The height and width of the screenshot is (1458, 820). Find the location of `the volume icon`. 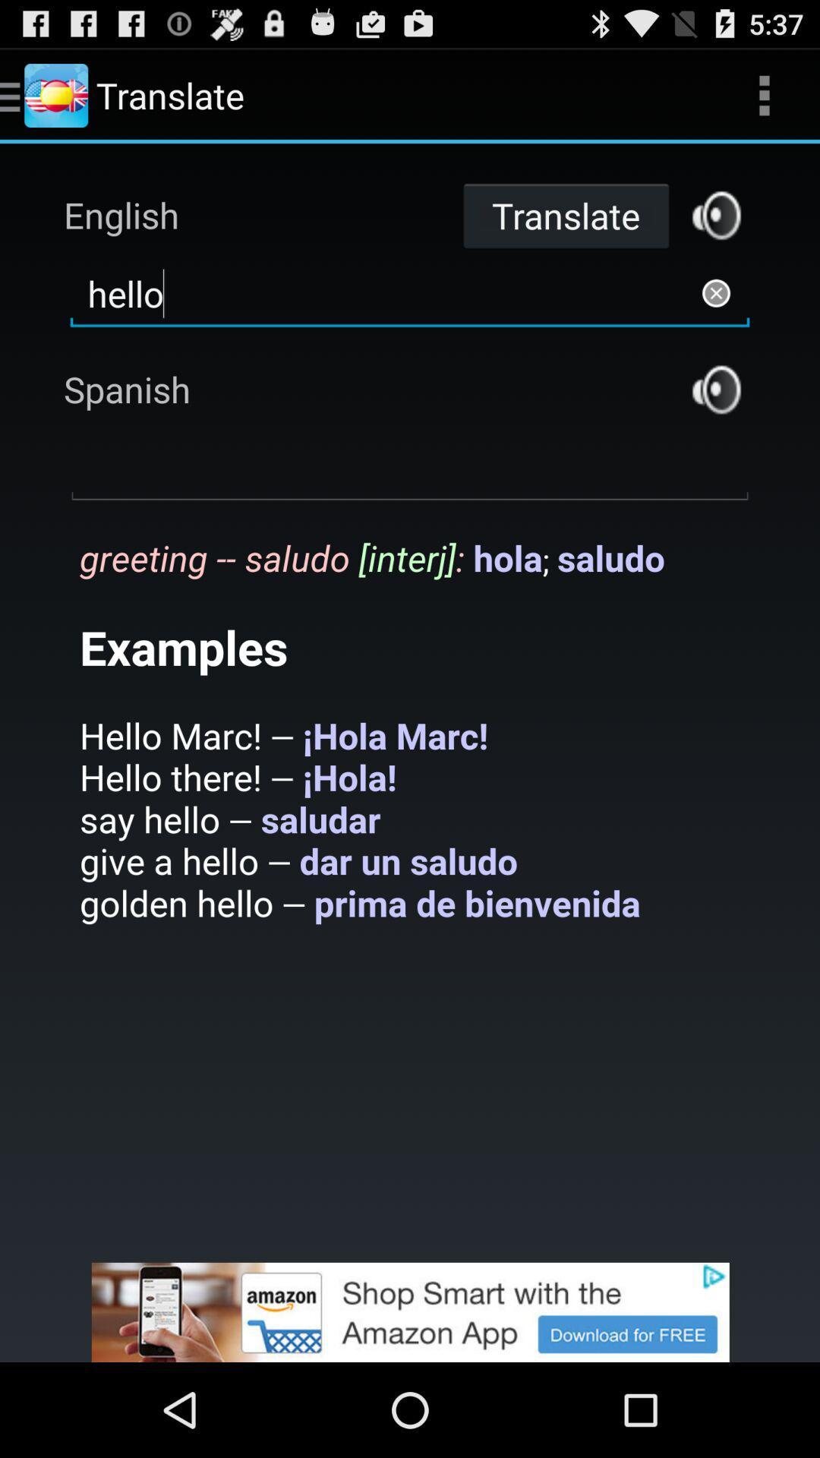

the volume icon is located at coordinates (716, 229).